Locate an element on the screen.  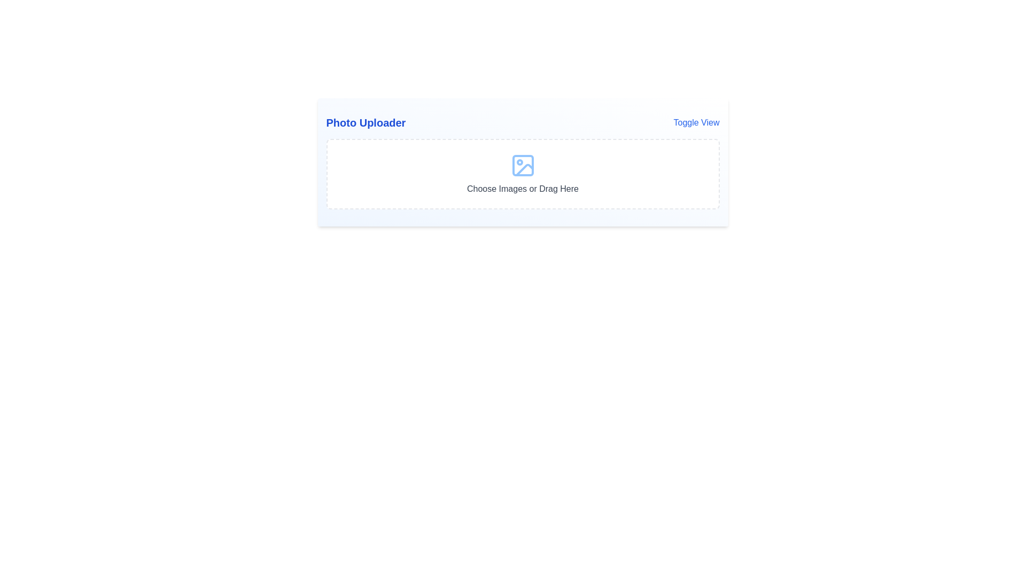
the 'Toggle View' element, which is part of the 'Photo Uploader' section is located at coordinates (523, 122).